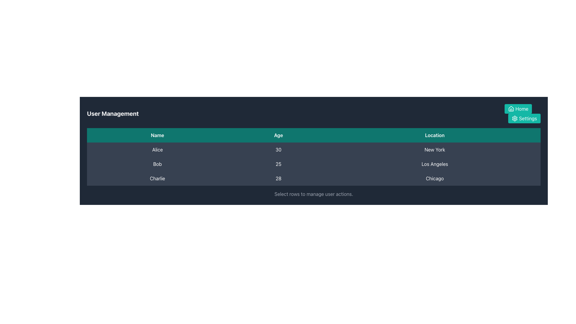 This screenshot has height=324, width=576. What do you see at coordinates (157, 164) in the screenshot?
I see `the text label displaying 'Bob' located in the 'Name' column of the second row in the table layout` at bounding box center [157, 164].